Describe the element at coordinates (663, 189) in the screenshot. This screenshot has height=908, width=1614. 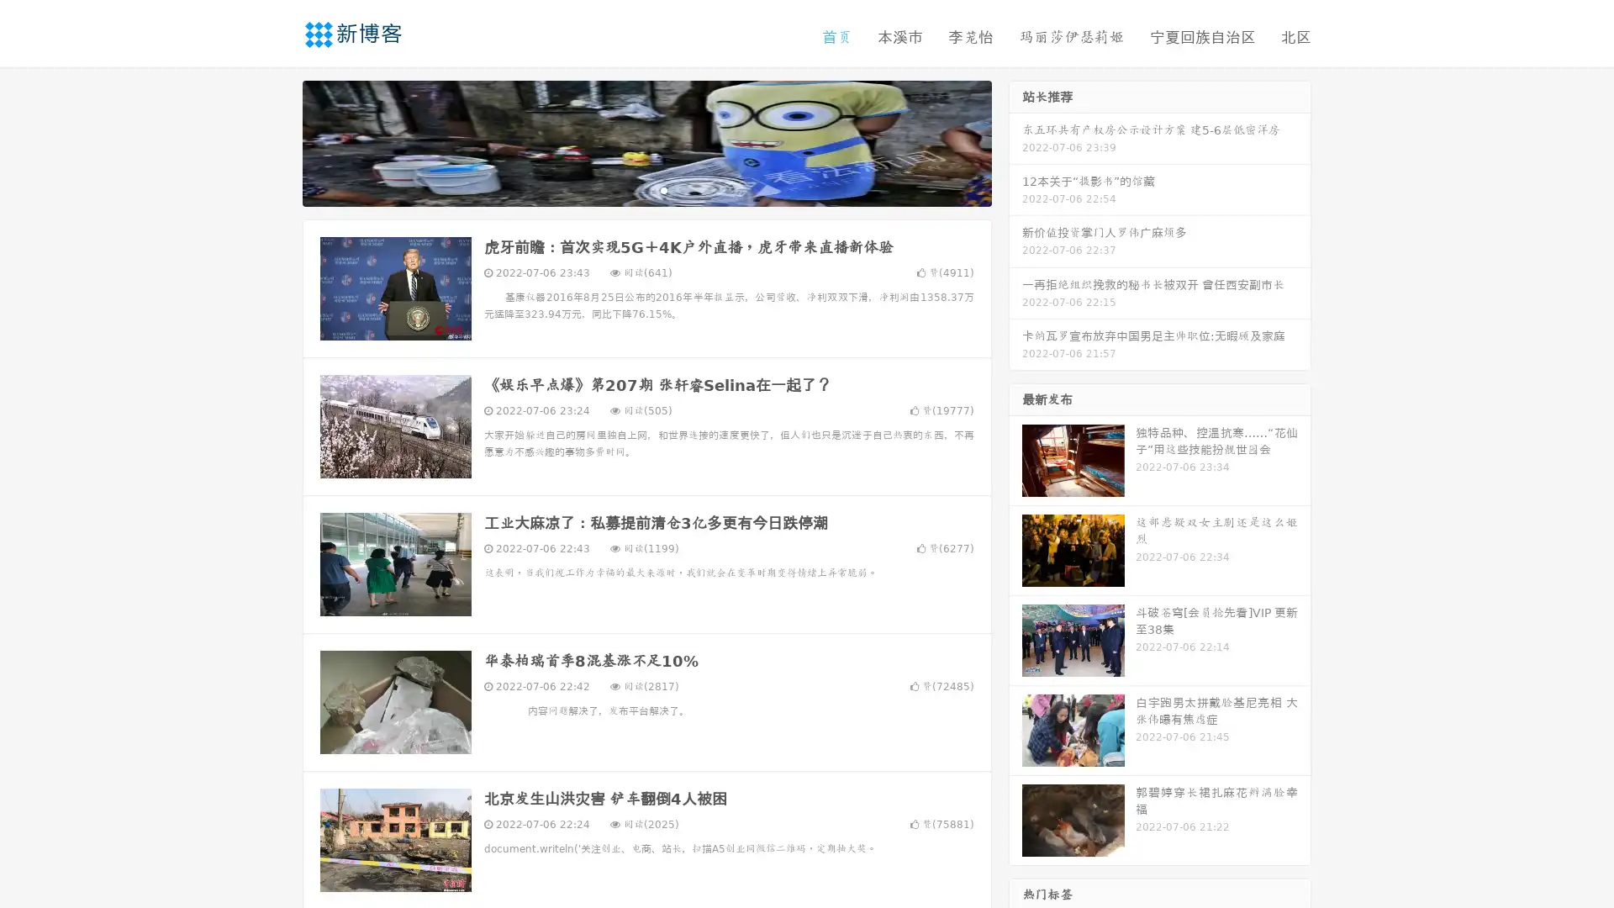
I see `Go to slide 3` at that location.